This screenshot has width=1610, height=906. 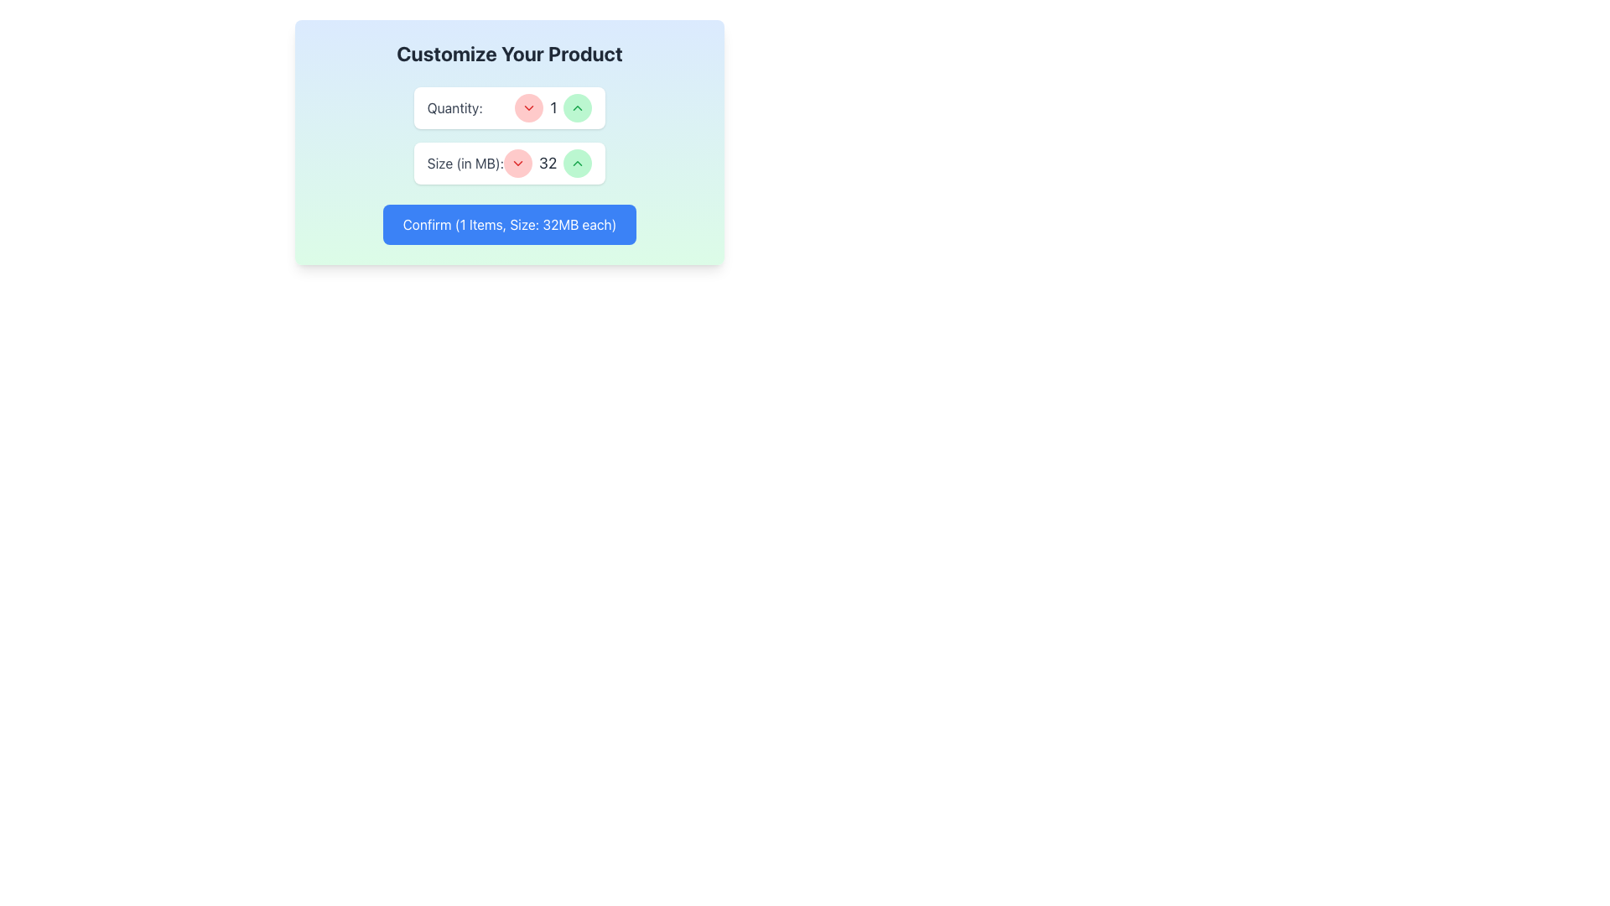 I want to click on the increment button, which is the third interactive button located to the right of the number '32', so click(x=578, y=164).